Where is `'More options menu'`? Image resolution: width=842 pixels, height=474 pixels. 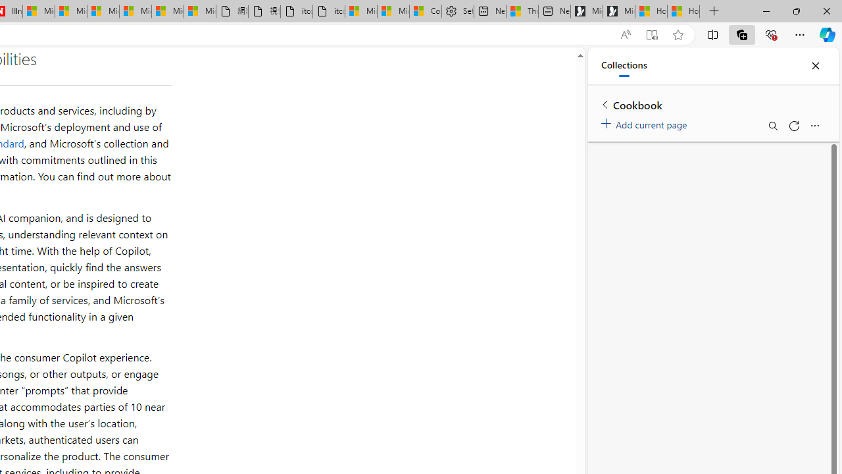
'More options menu' is located at coordinates (814, 126).